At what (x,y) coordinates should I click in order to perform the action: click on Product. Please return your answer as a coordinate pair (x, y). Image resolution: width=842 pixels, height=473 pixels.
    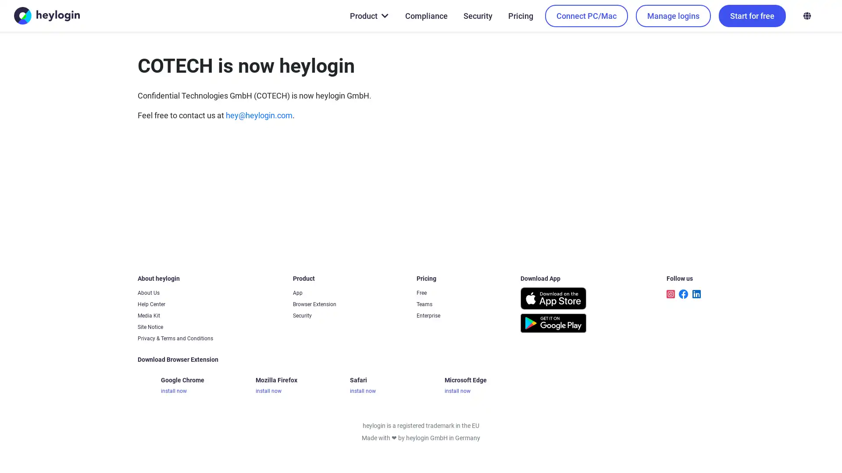
    Looking at the image, I should click on (368, 15).